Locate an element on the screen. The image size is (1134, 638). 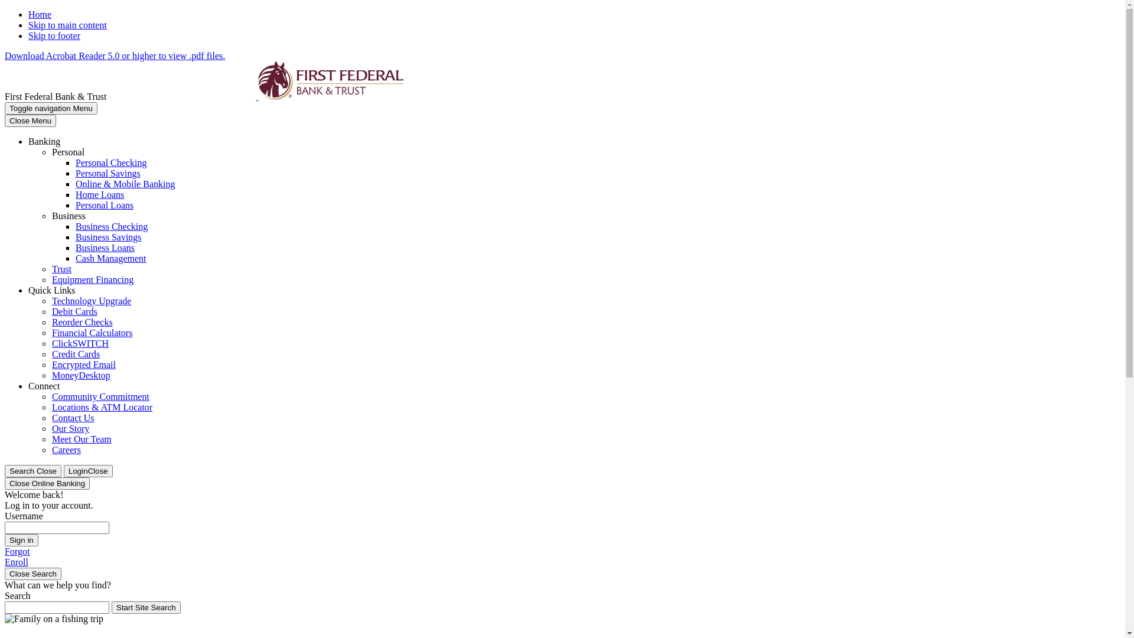
'Reorder Checks' is located at coordinates (82, 322).